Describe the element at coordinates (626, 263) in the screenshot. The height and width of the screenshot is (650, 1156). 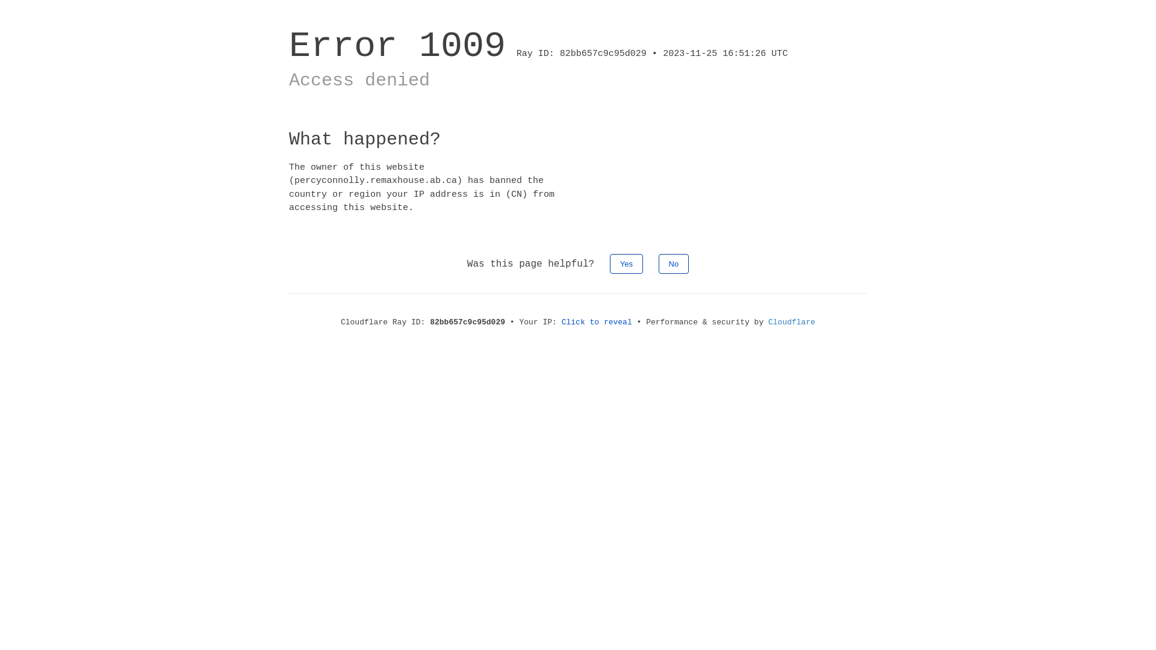
I see `'Yes'` at that location.